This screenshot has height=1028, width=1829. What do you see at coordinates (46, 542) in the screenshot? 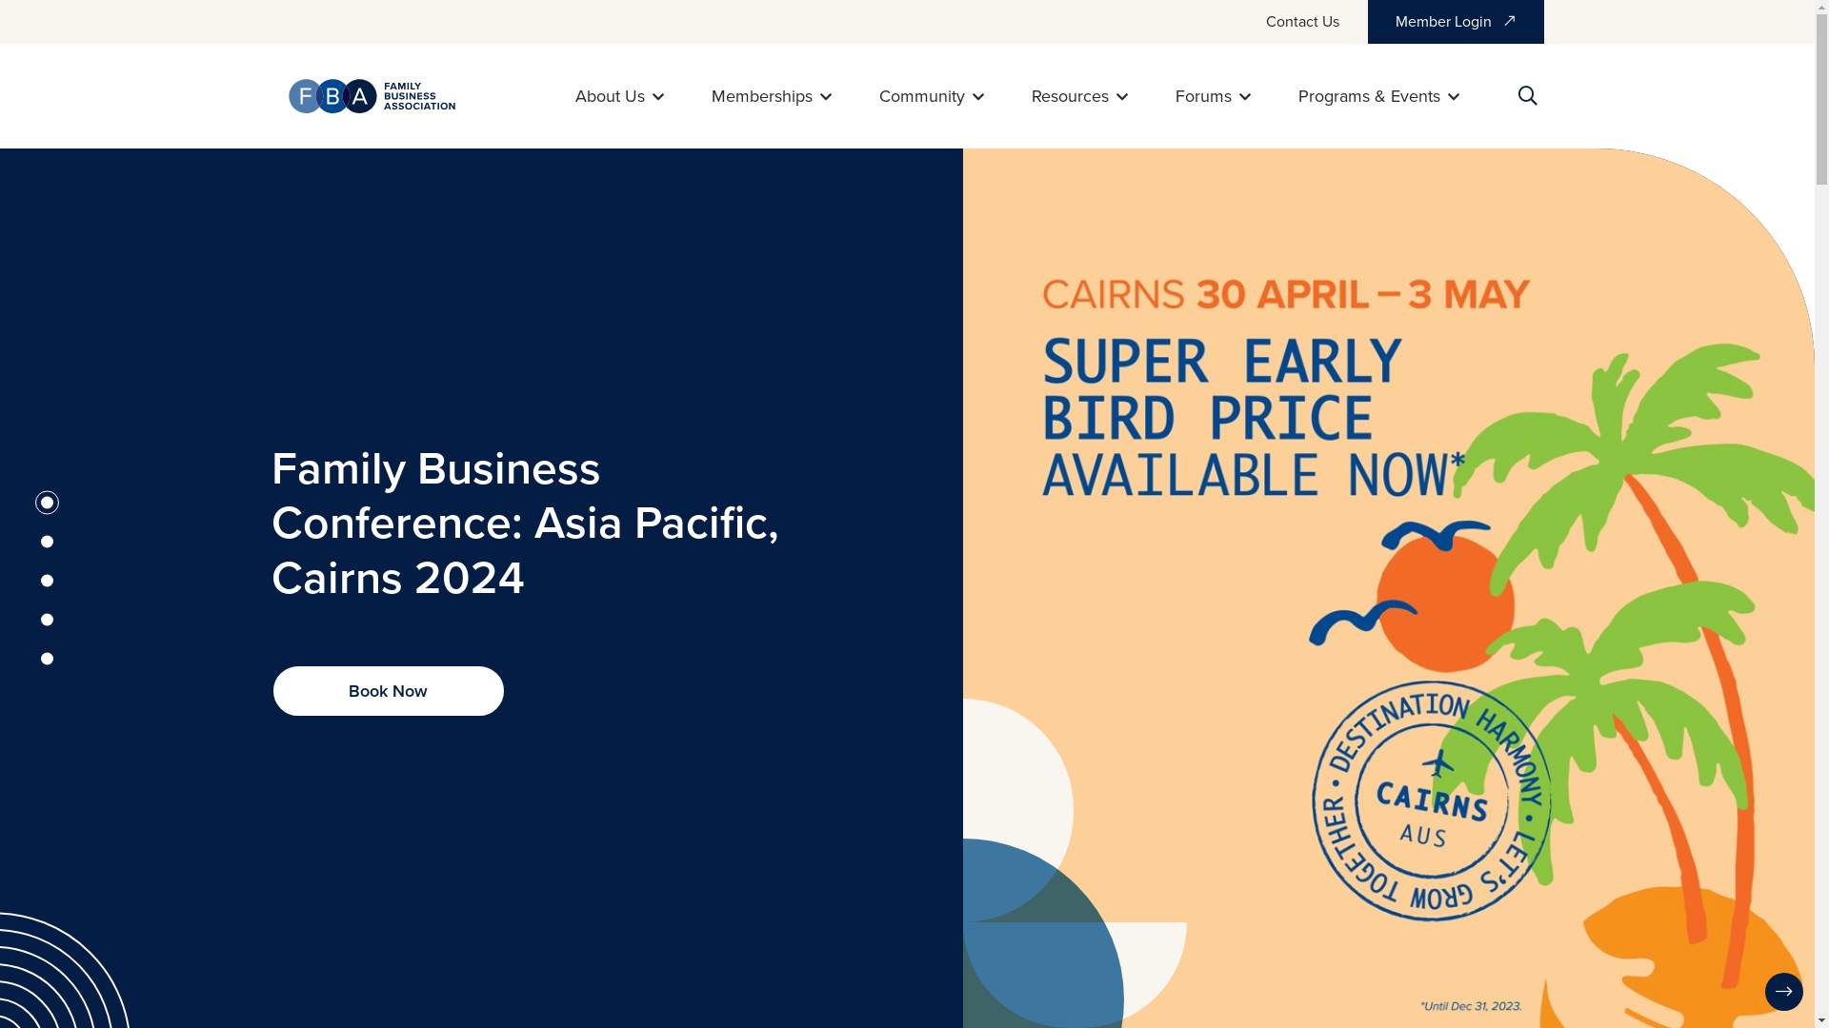
I see `'2'` at bounding box center [46, 542].